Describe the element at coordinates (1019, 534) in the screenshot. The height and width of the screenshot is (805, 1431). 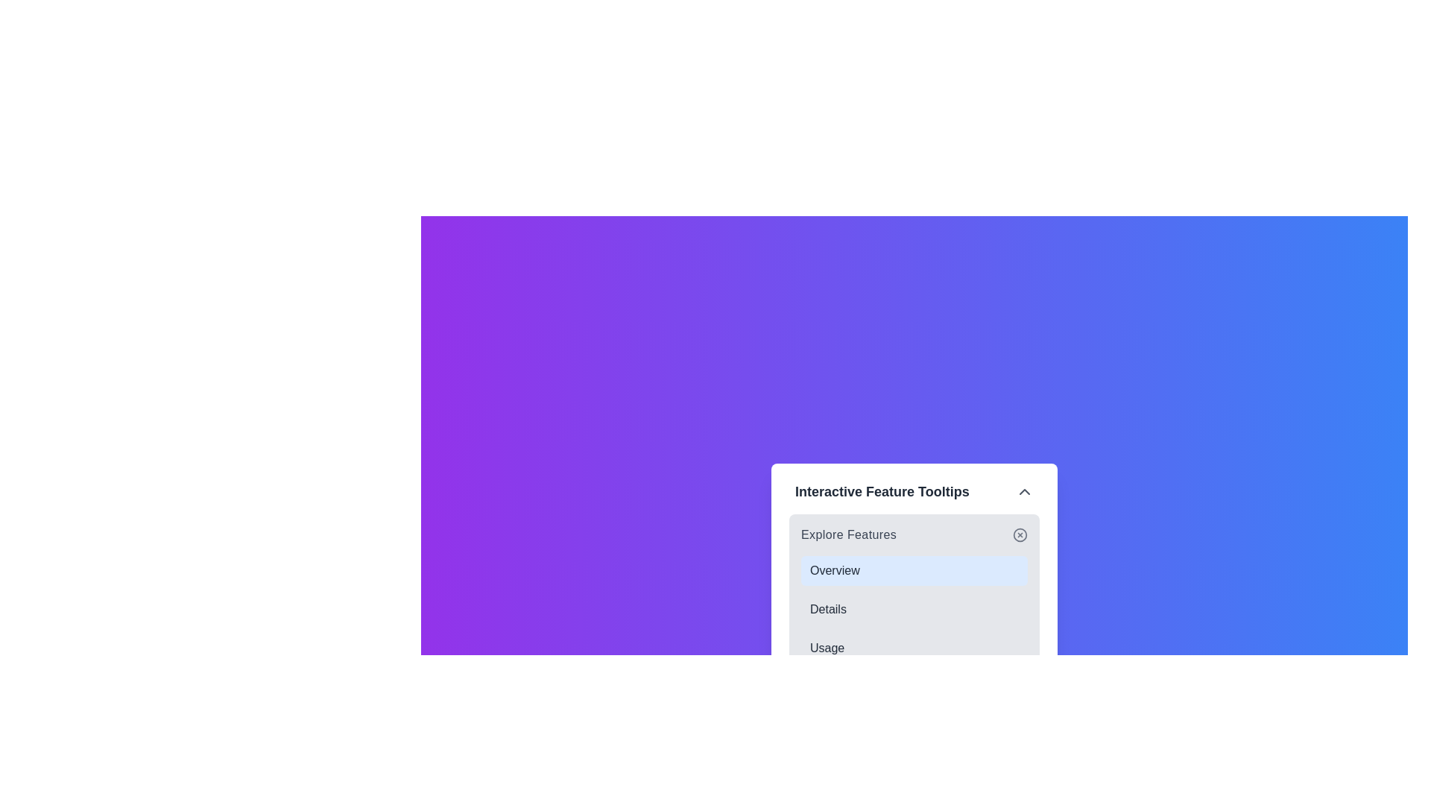
I see `the close button located at the right end of the header labeled Explore Features` at that location.